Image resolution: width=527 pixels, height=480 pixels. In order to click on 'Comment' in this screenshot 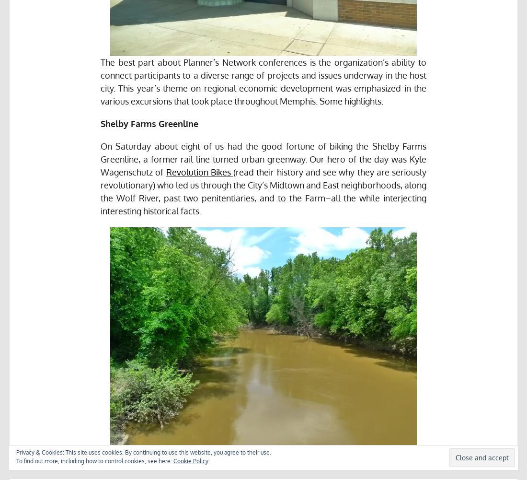, I will do `click(440, 465)`.